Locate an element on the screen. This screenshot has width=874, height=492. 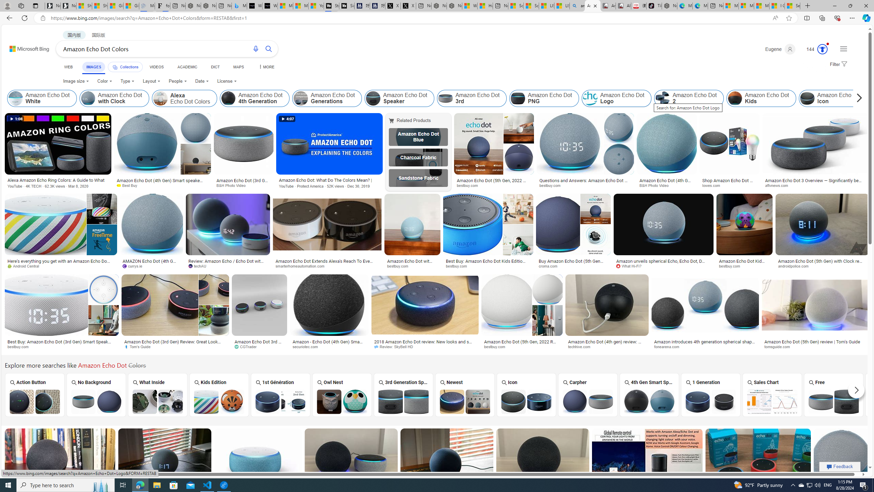
'CGTrader' is located at coordinates (248, 346).